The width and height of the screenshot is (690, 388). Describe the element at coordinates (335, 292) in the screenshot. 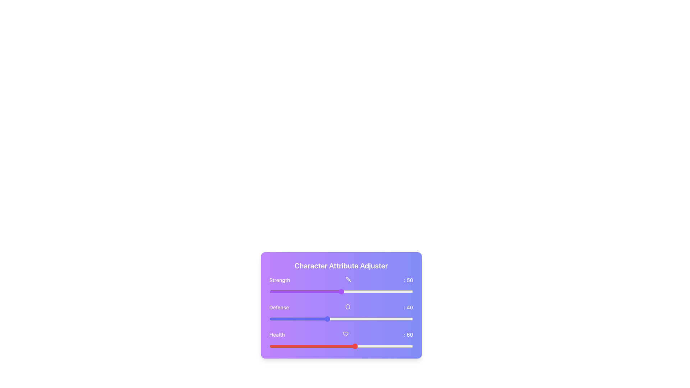

I see `the Strength attribute` at that location.